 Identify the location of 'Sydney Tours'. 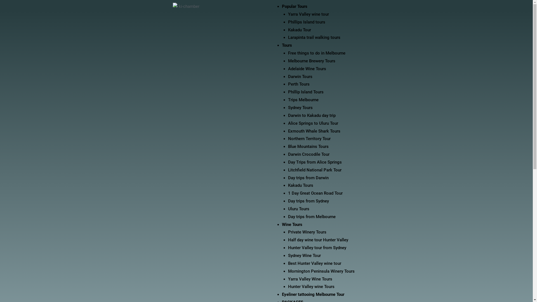
(300, 108).